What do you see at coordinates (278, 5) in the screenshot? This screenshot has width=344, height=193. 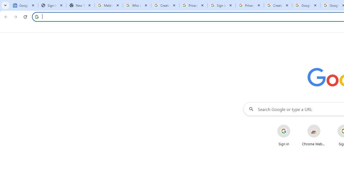 I see `'Create your Google Account'` at bounding box center [278, 5].